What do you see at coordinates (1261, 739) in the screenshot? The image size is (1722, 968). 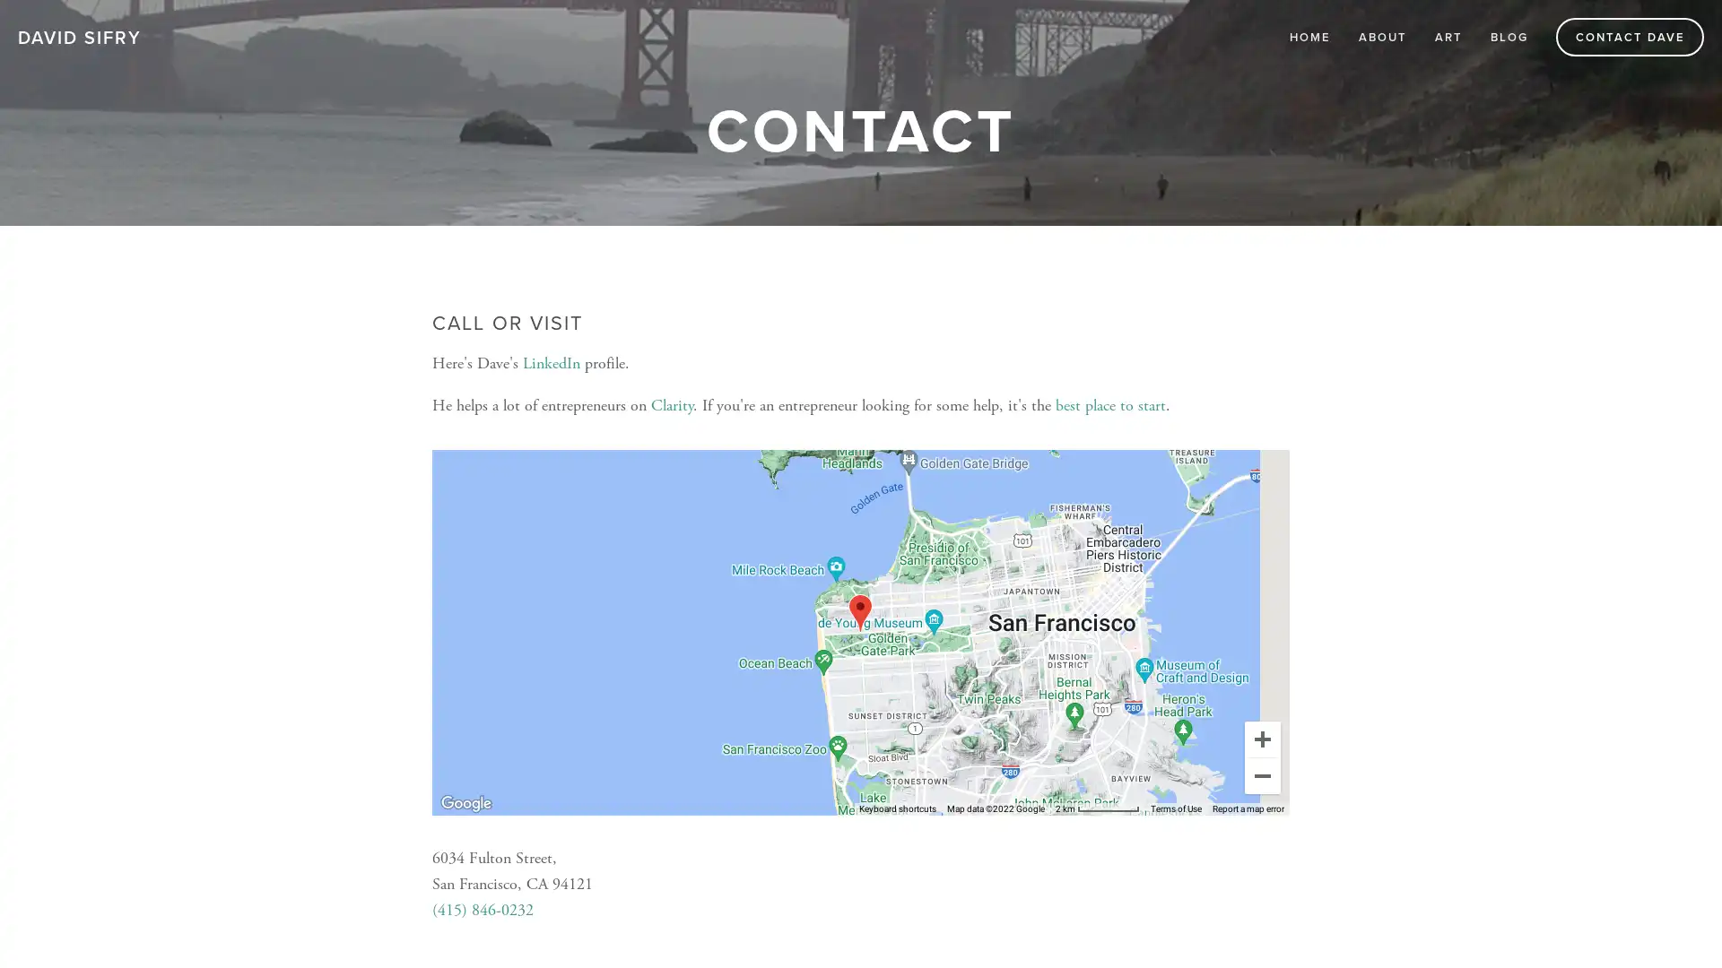 I see `Zoom in` at bounding box center [1261, 739].